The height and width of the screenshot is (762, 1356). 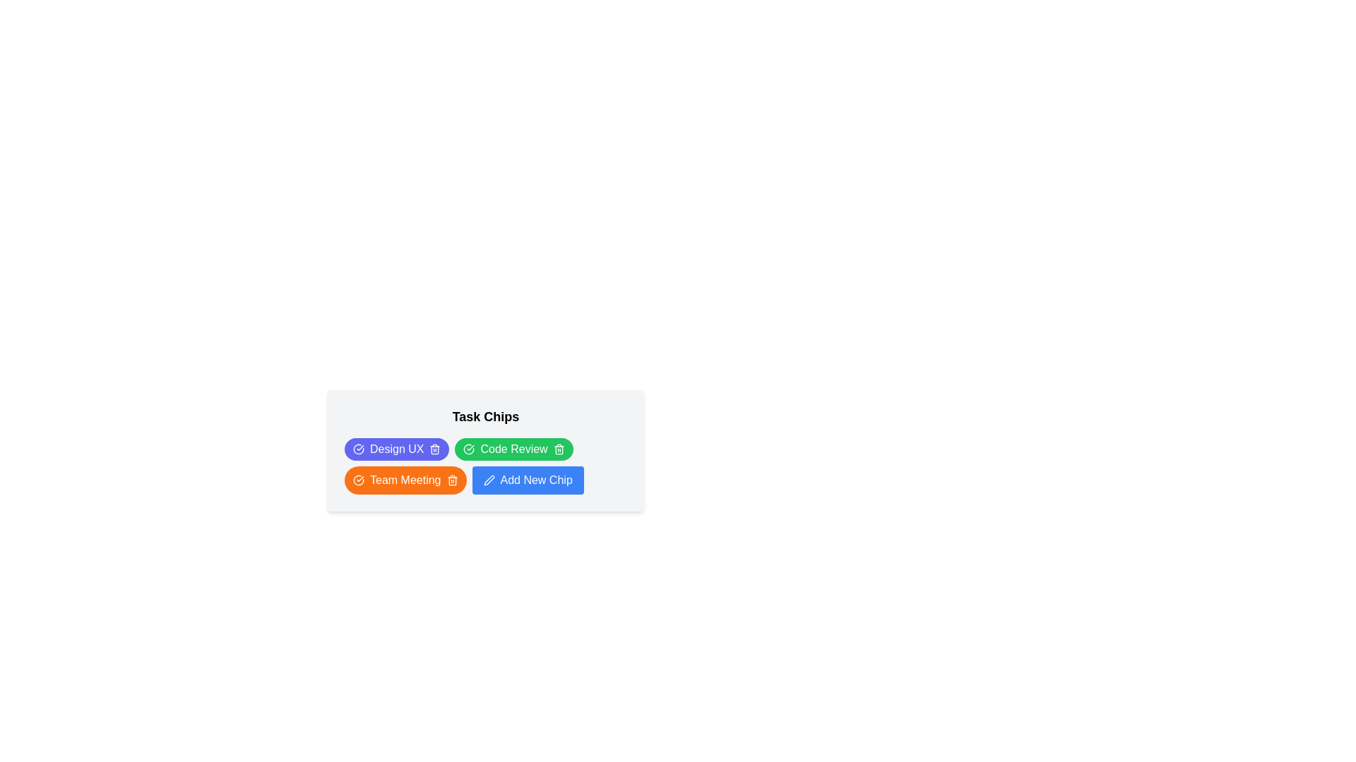 I want to click on the small trash can icon button located at the far-right corner of the green 'Code Review' task chip, so click(x=558, y=449).